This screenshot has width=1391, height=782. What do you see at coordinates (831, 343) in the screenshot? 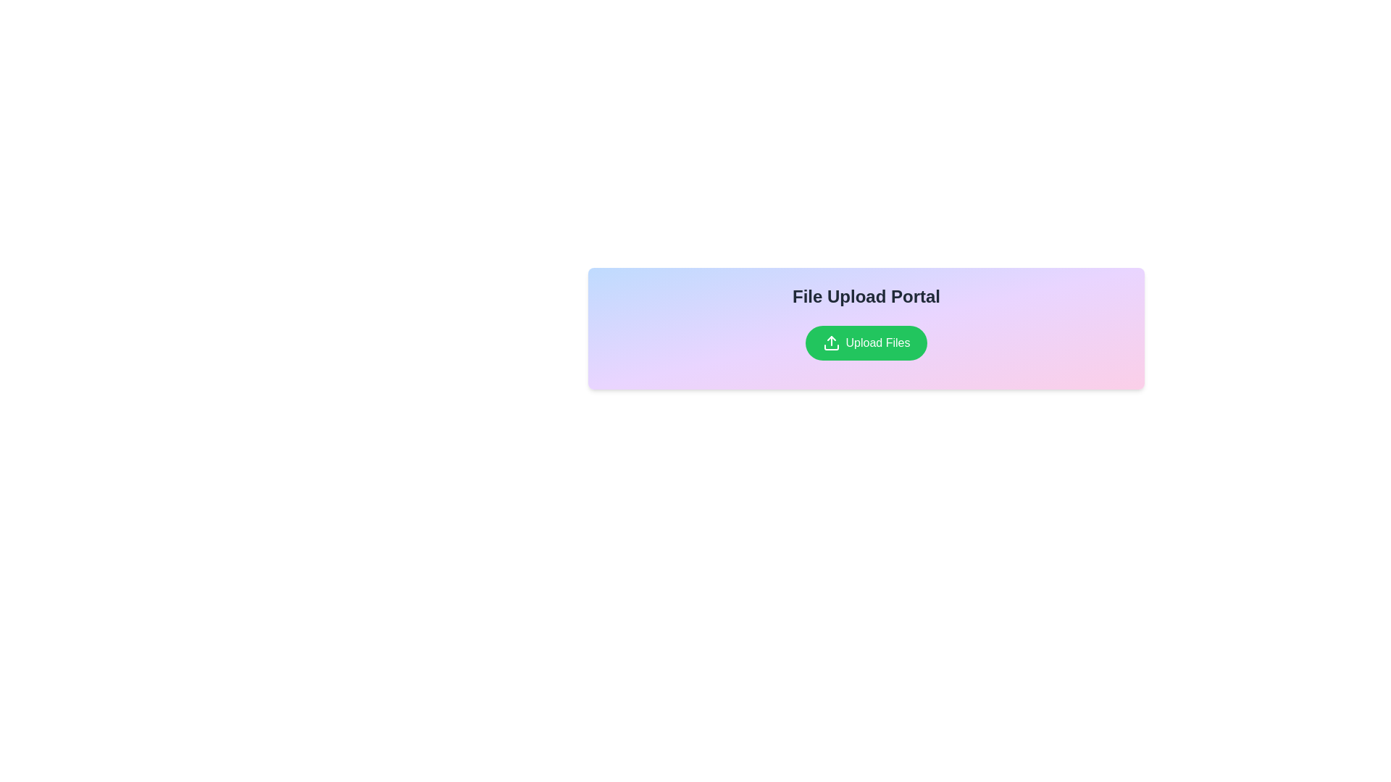
I see `the upload icon, which is a white arrow on a green circular background, located to the left of the 'Upload Files' text within a rounded green button` at bounding box center [831, 343].